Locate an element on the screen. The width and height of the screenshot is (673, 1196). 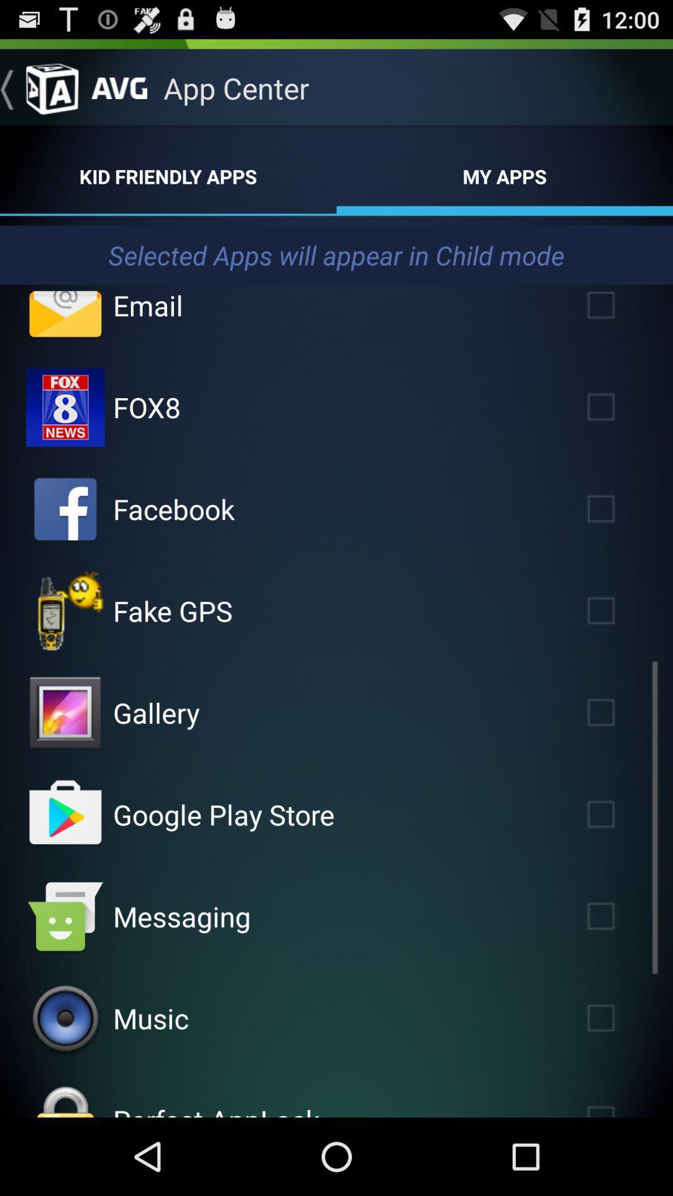
email is located at coordinates (619, 310).